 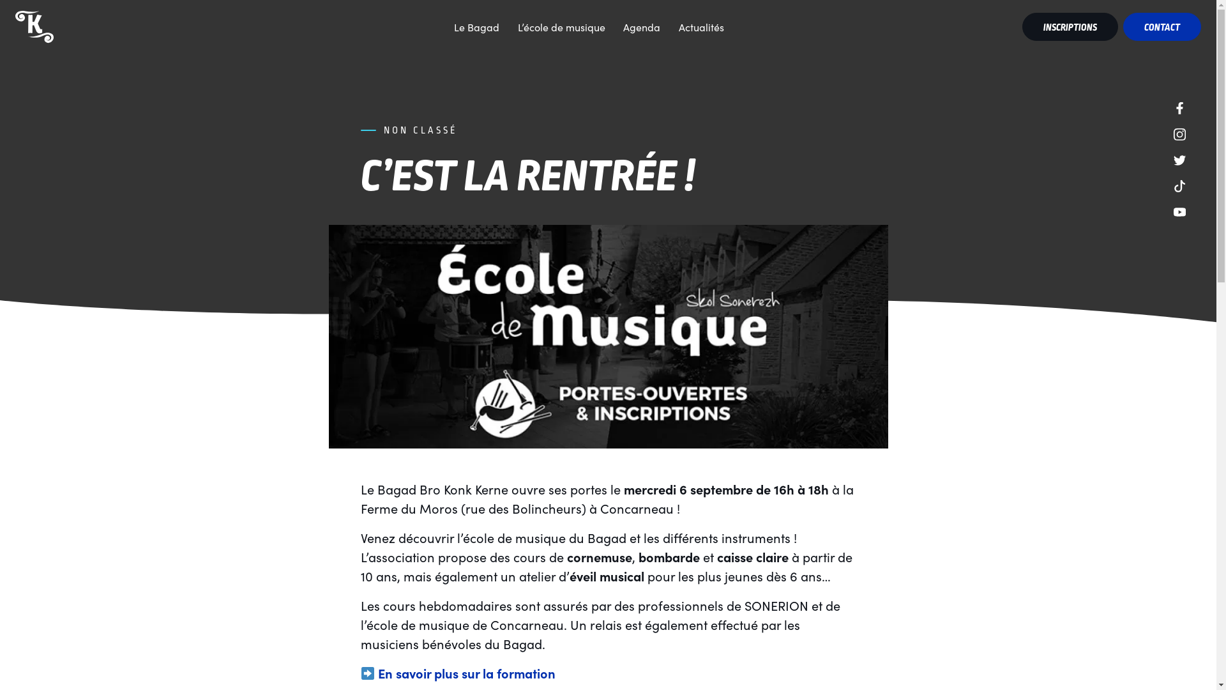 What do you see at coordinates (475, 27) in the screenshot?
I see `'Le Bagad'` at bounding box center [475, 27].